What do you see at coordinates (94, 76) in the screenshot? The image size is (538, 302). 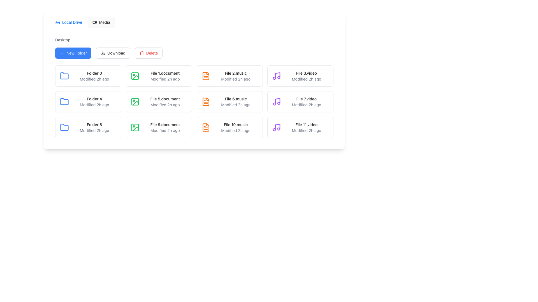 I see `to select the folder item representation located in the first row and first column of the file items grid layout` at bounding box center [94, 76].